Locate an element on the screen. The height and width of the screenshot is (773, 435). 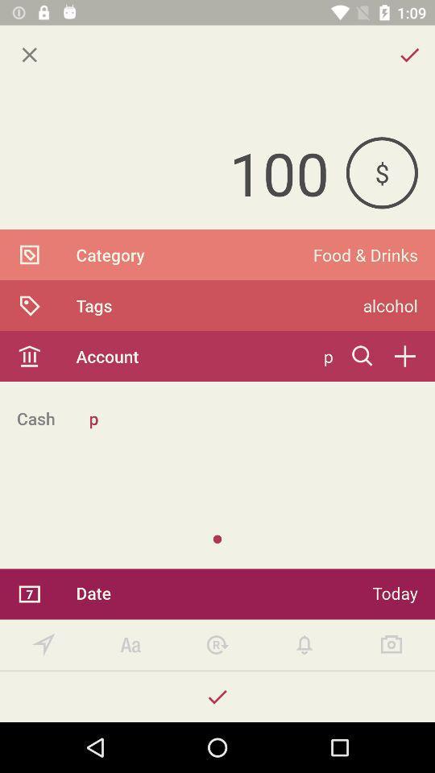
save is located at coordinates (217, 696).